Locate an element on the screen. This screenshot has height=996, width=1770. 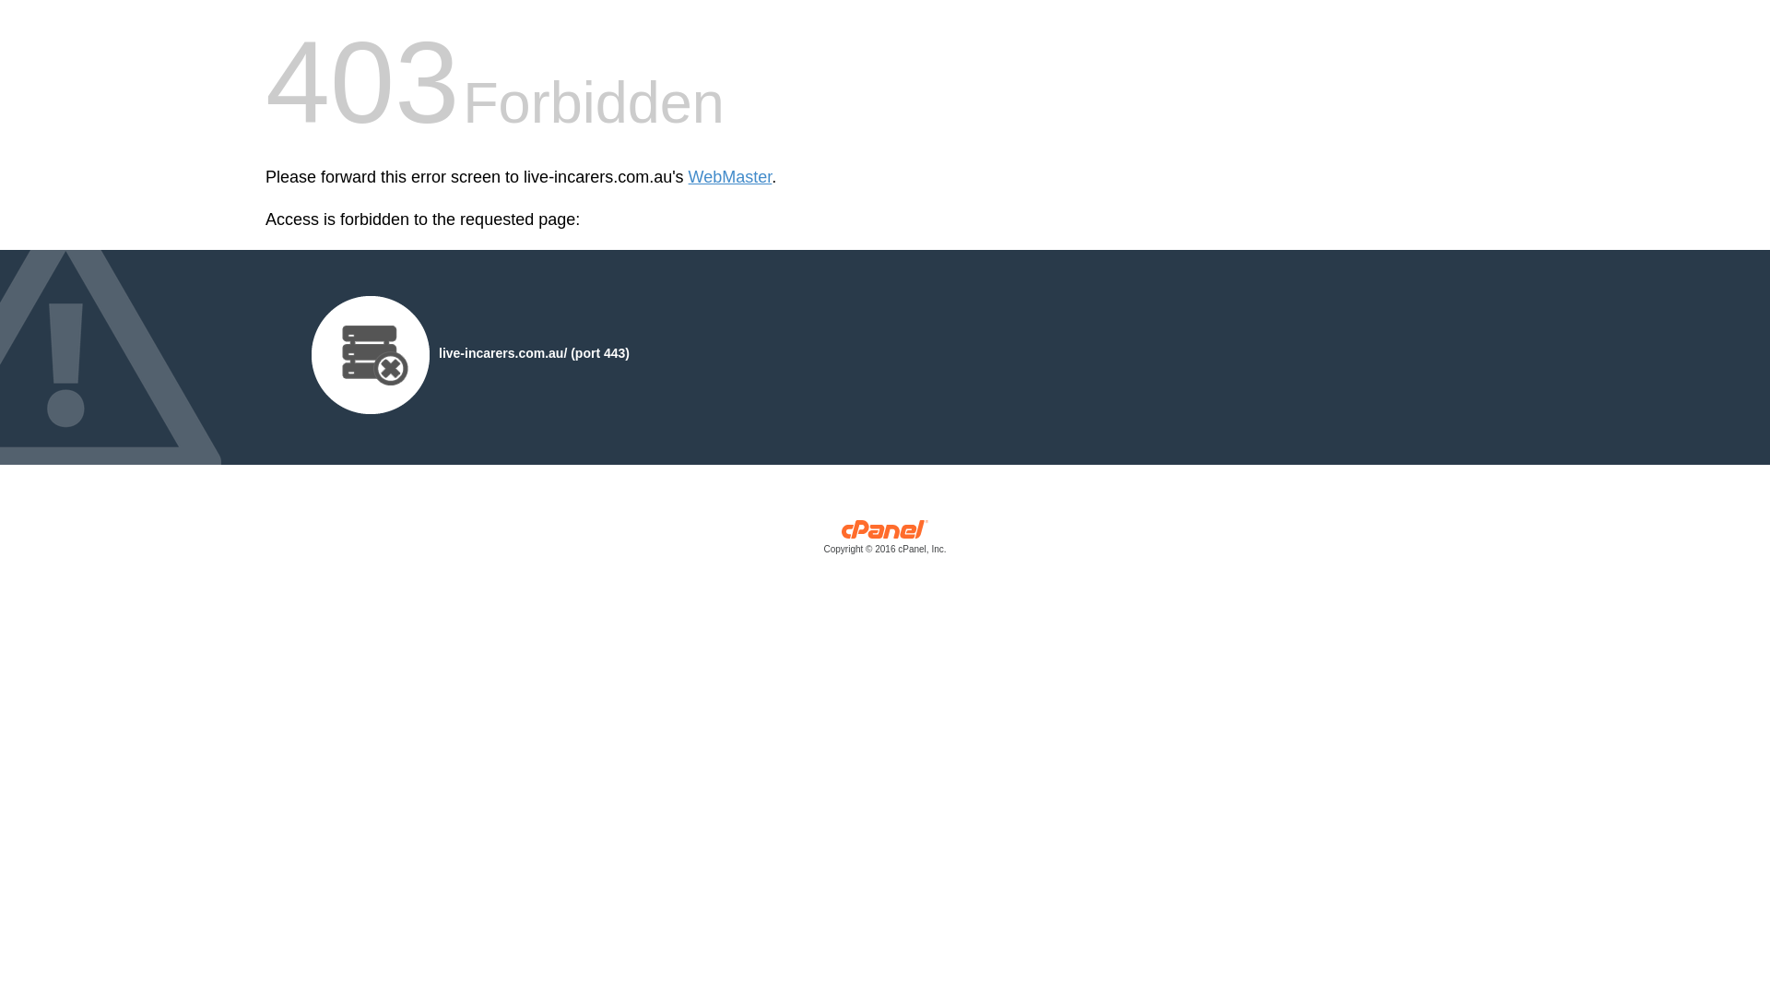
'WebMaster' is located at coordinates (729, 177).